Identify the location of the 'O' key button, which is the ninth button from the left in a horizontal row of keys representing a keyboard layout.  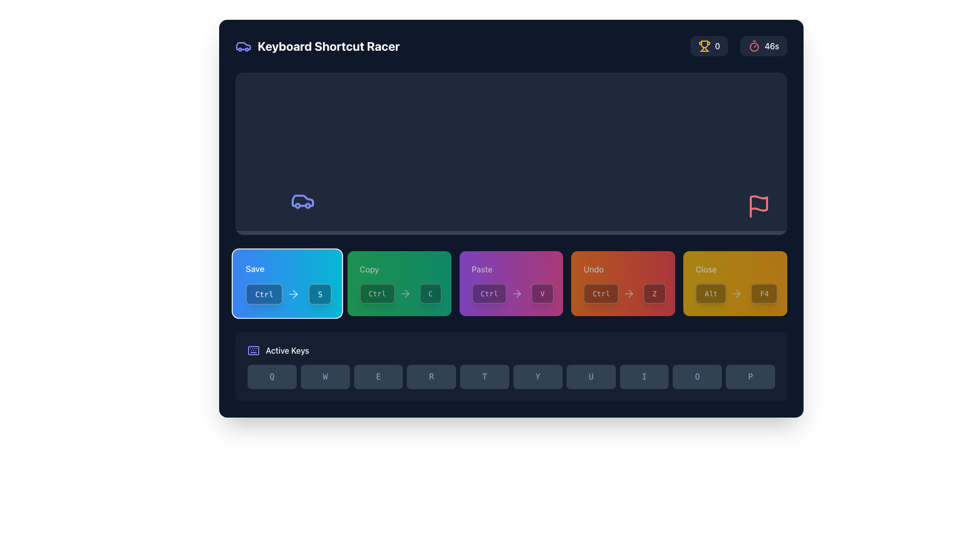
(697, 377).